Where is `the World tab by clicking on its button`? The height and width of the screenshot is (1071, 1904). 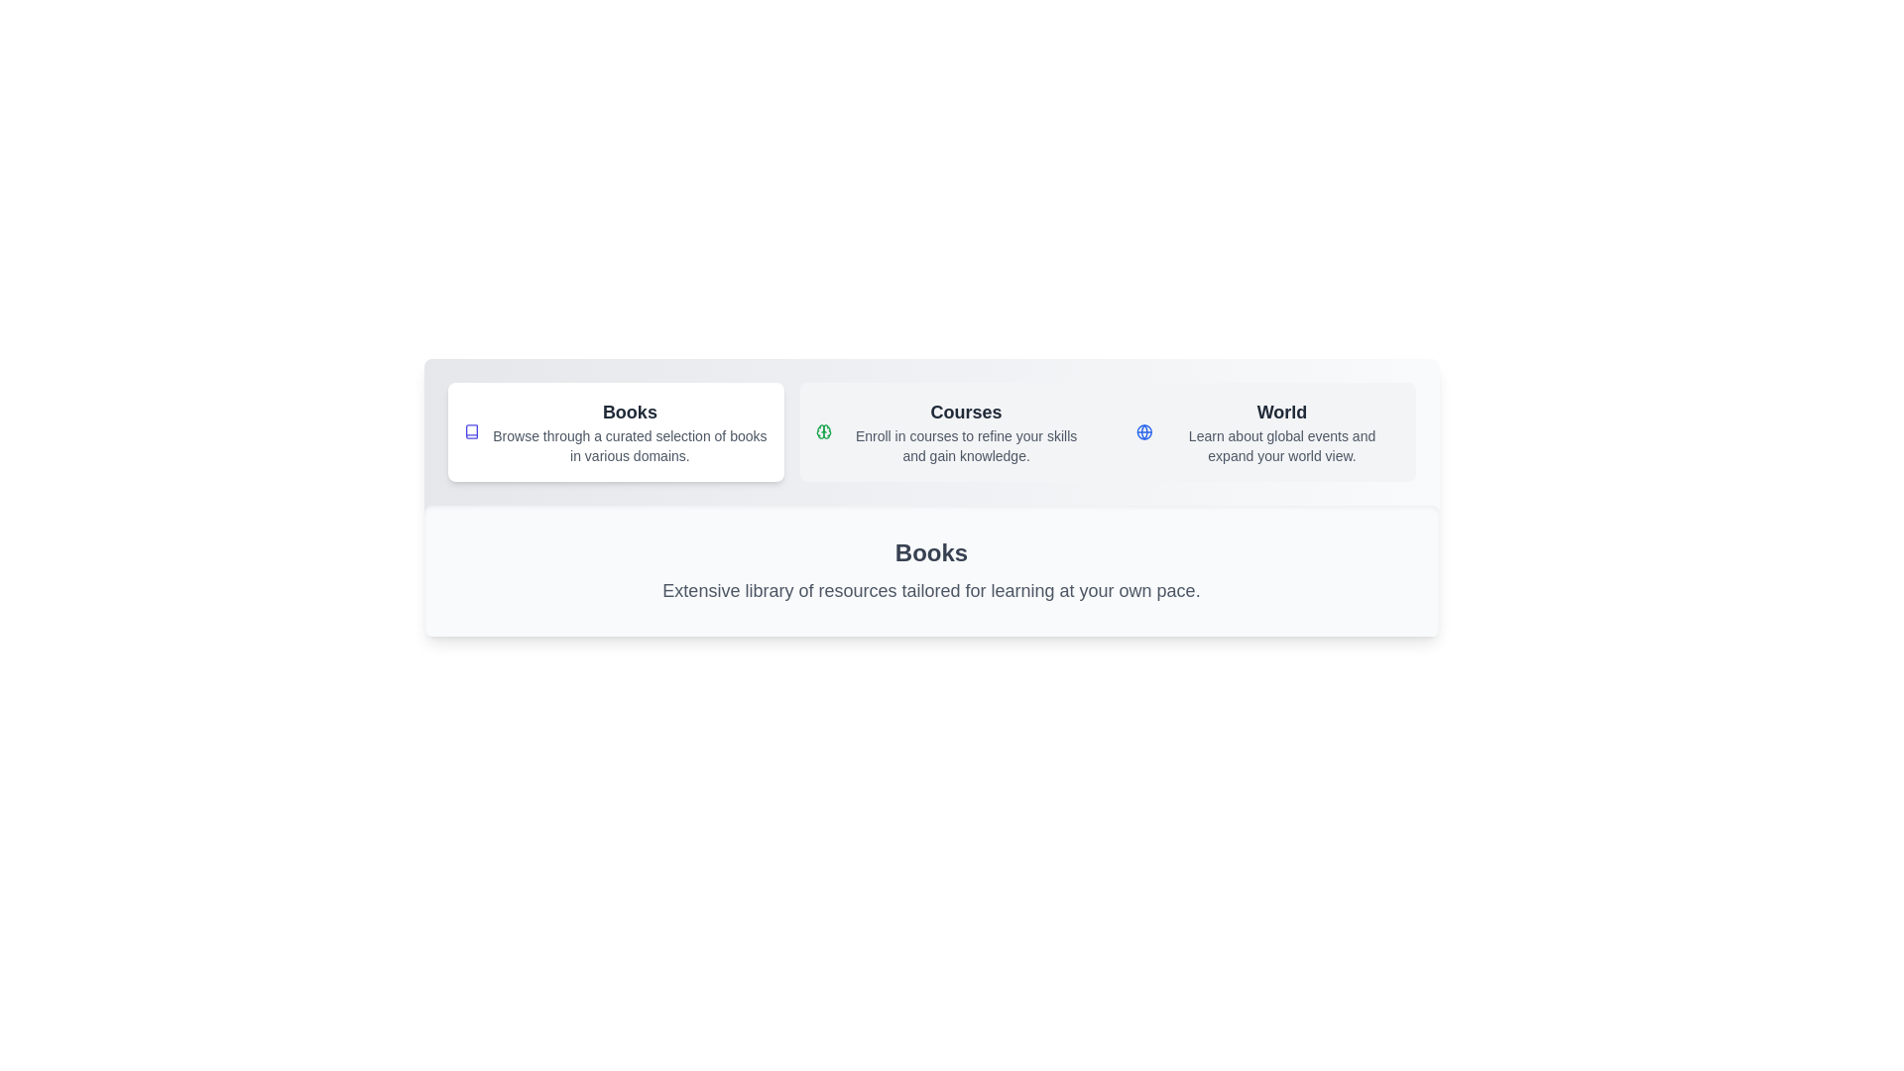
the World tab by clicking on its button is located at coordinates (1266, 430).